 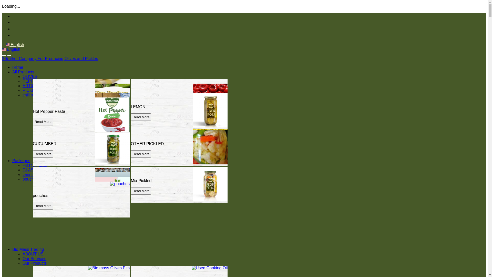 I want to click on 'Plastic Packs', so click(x=34, y=165).